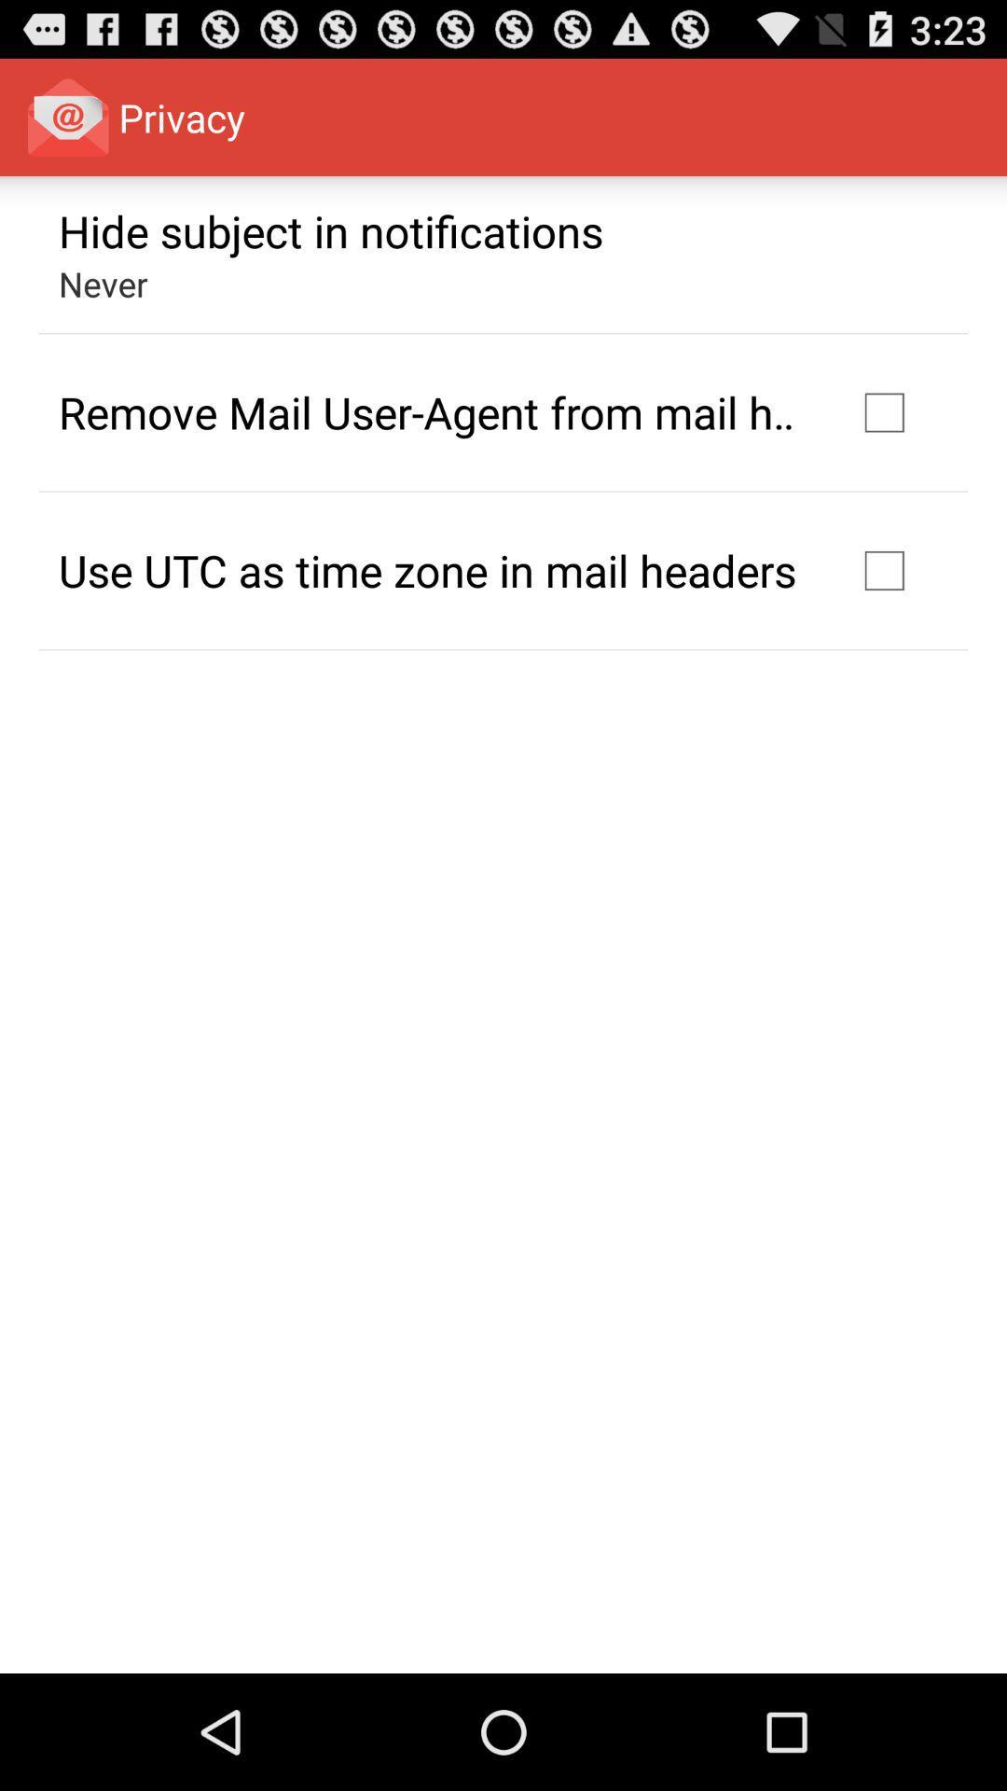 This screenshot has height=1791, width=1007. Describe the element at coordinates (103, 283) in the screenshot. I see `never app` at that location.